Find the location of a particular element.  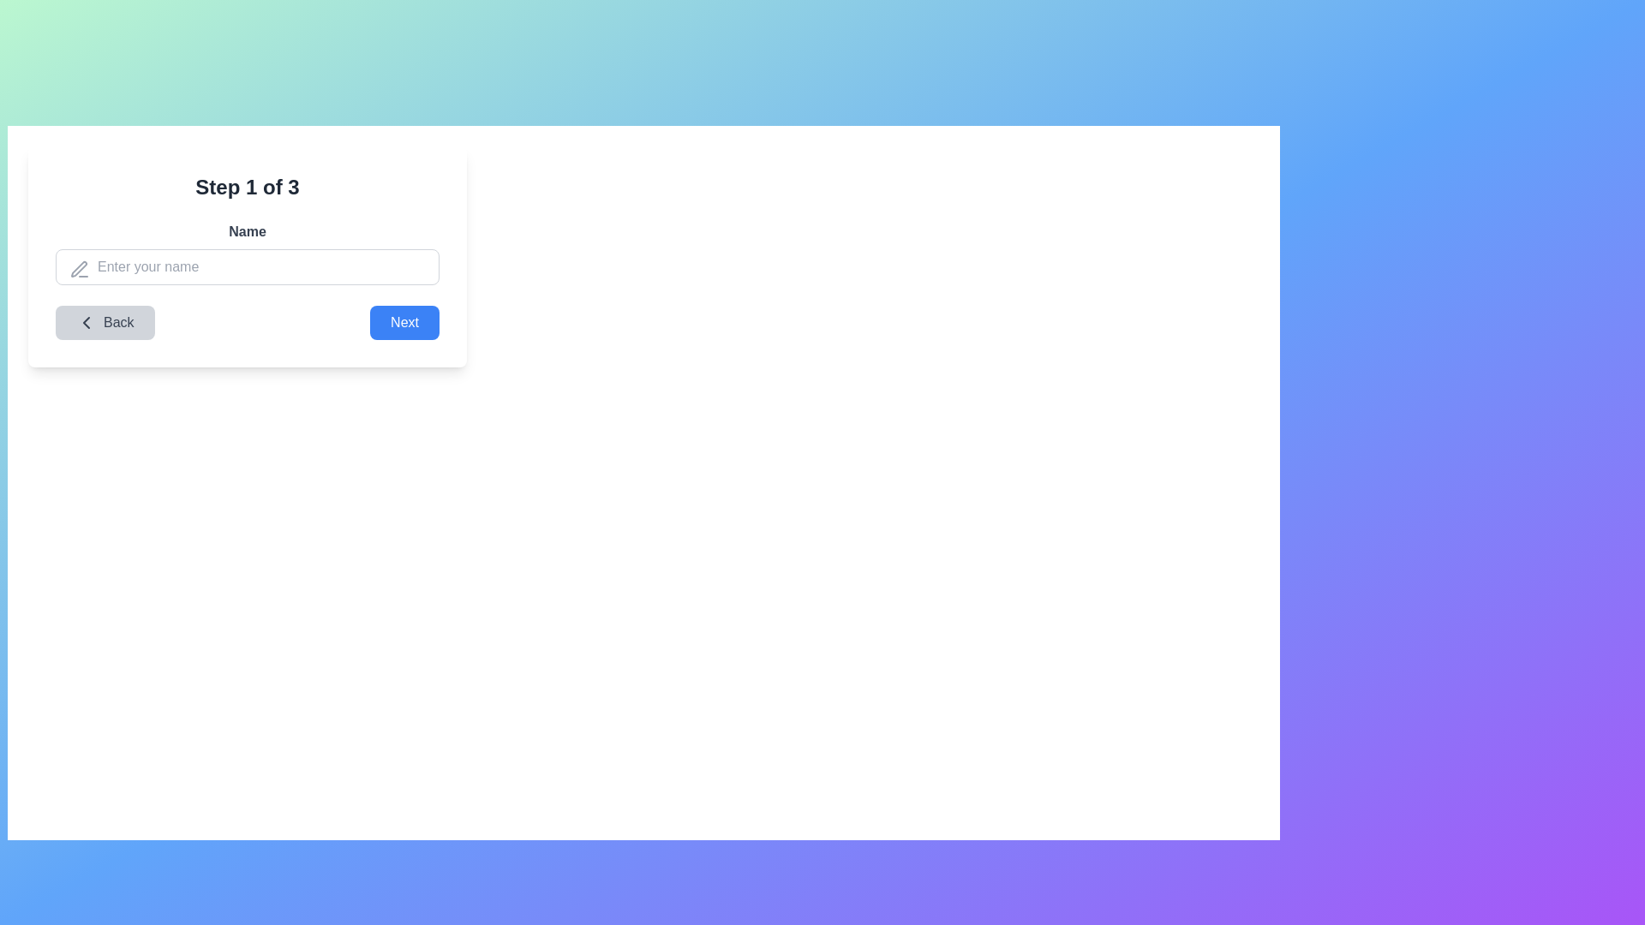

text displayed in the centered heading 'Step 1 of 3', which is a large, bold, dark gray text on a white card at the top of the content area is located at coordinates (246, 188).